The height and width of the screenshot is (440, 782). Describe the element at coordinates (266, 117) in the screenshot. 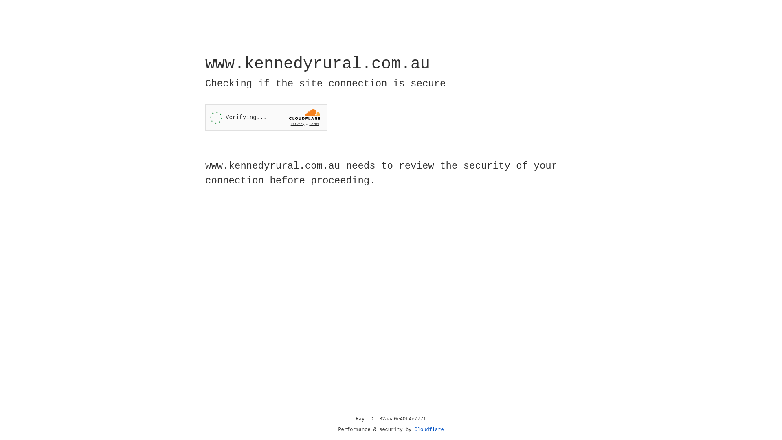

I see `'Widget containing a Cloudflare security challenge'` at that location.